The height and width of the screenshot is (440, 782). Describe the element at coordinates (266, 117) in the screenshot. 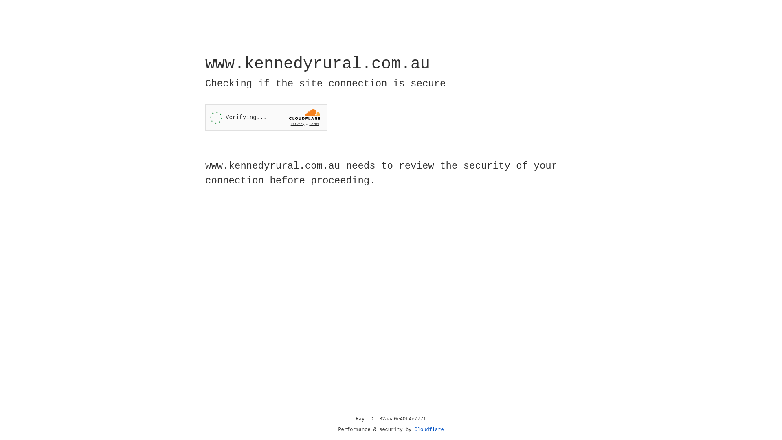

I see `'Widget containing a Cloudflare security challenge'` at that location.